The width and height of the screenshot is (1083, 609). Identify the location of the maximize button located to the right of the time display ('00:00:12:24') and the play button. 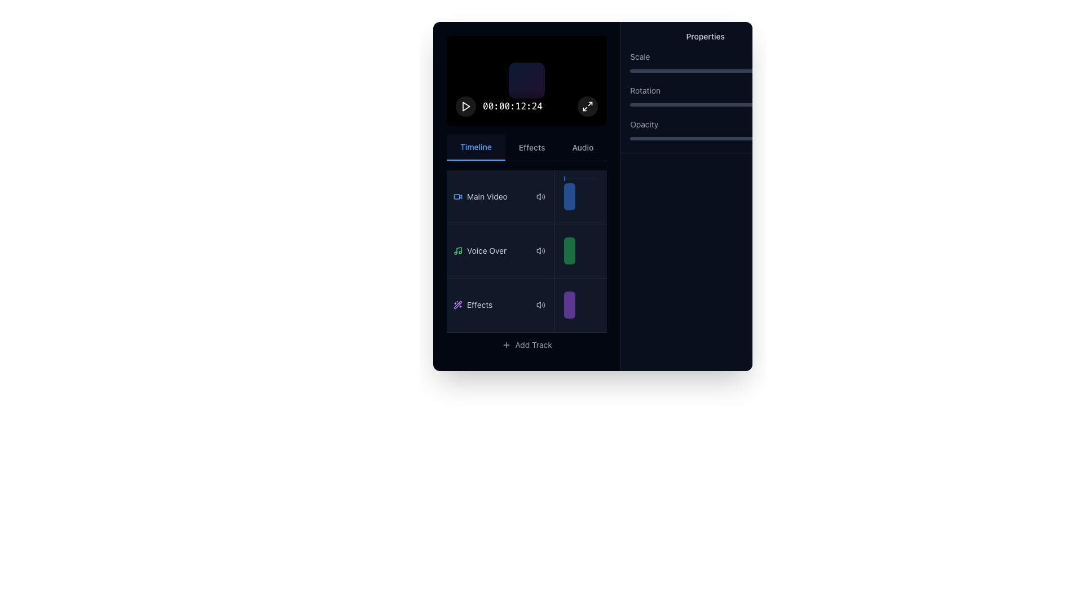
(587, 106).